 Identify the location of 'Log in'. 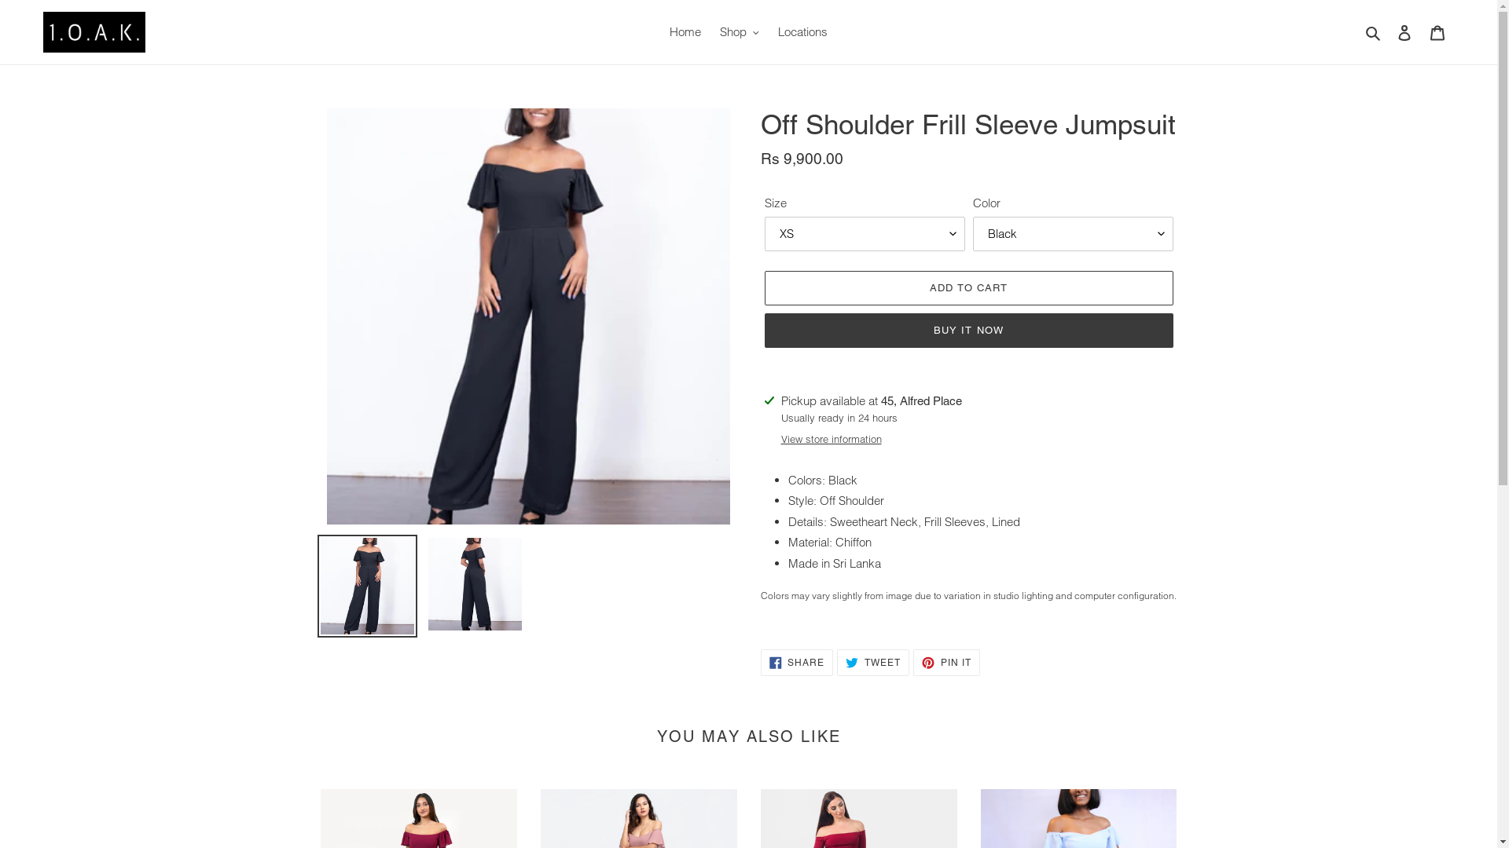
(1404, 32).